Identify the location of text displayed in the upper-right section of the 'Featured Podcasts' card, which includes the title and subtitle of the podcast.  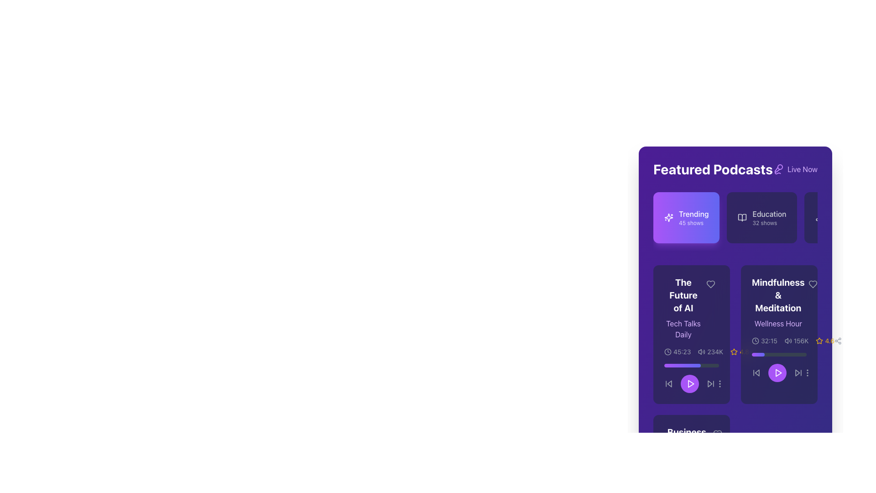
(779, 303).